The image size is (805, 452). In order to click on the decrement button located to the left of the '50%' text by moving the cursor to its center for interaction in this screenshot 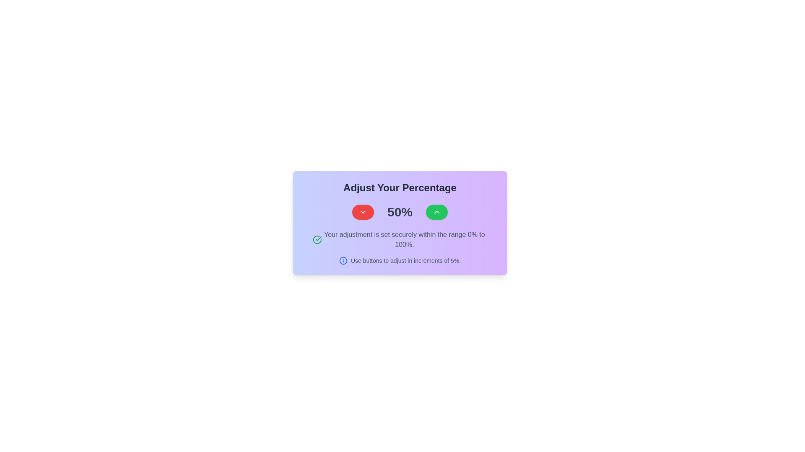, I will do `click(363, 211)`.